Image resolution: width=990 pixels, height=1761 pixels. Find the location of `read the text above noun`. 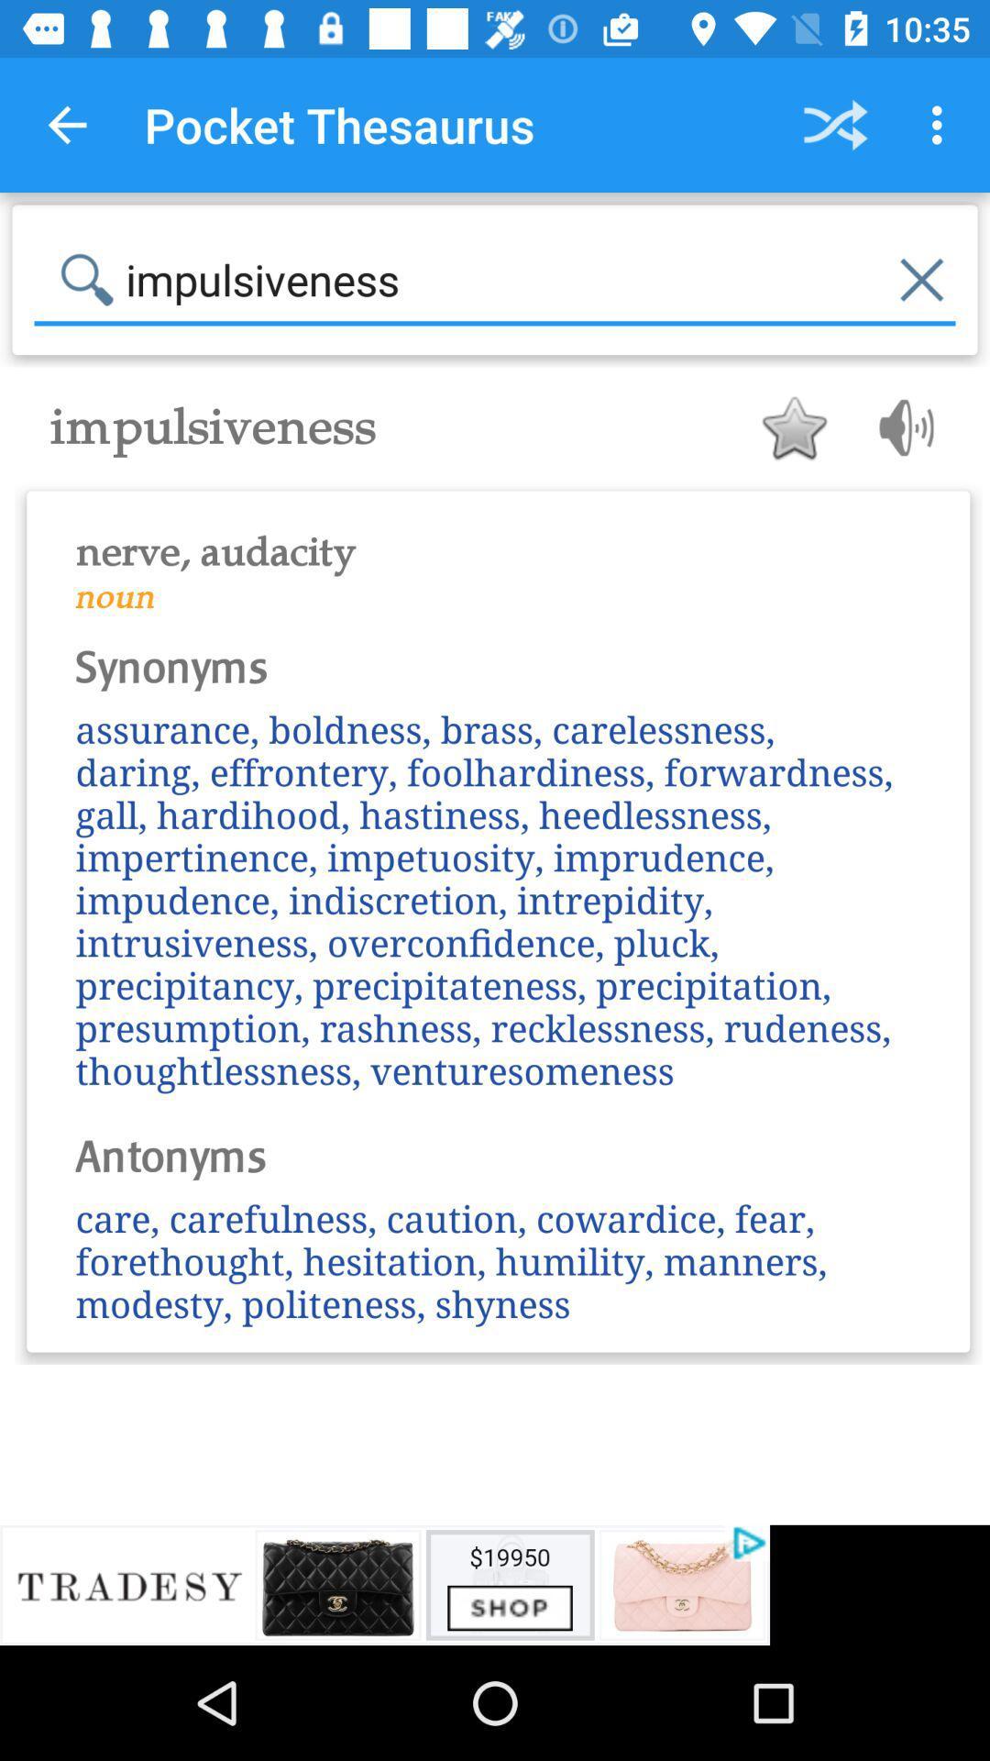

read the text above noun is located at coordinates (498, 539).